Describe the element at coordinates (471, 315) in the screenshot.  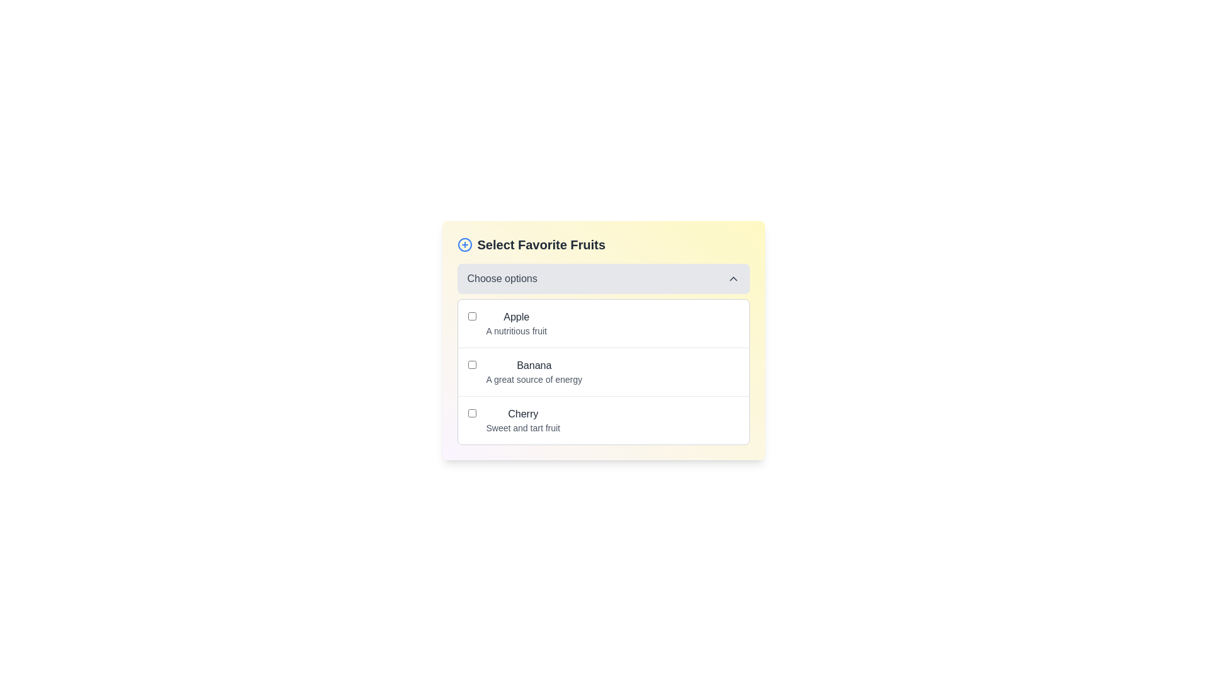
I see `the checkbox located to the immediate left of the text 'Apple'` at that location.